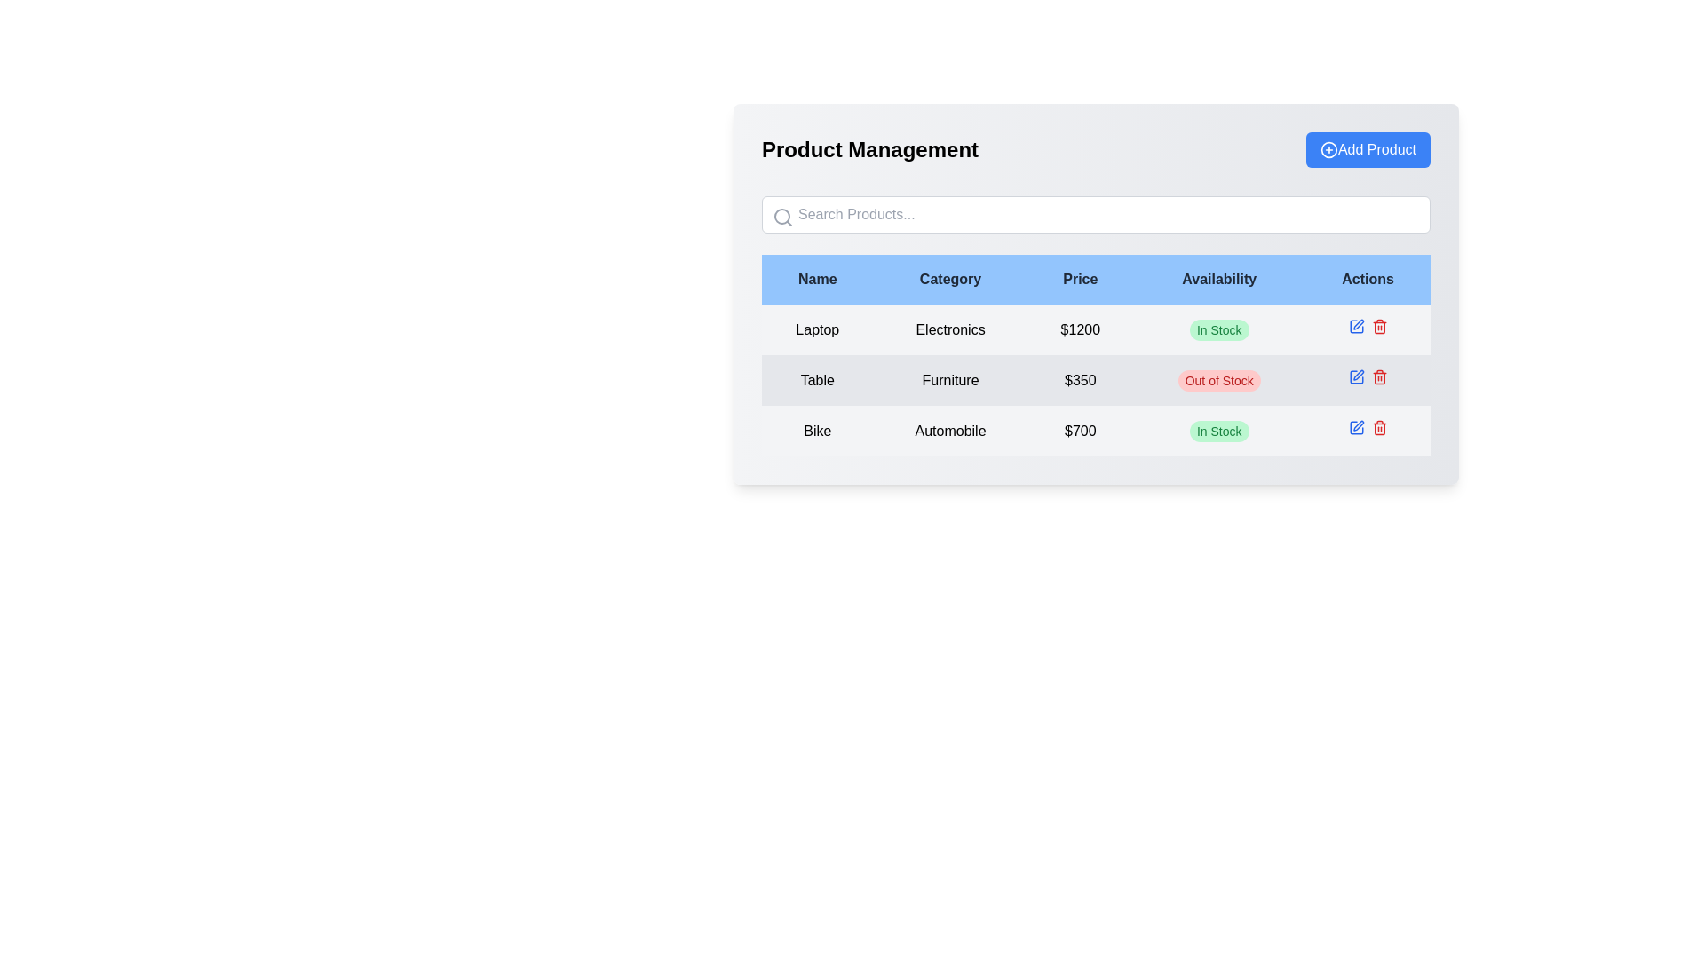  I want to click on the red trash bin icon in the Actions column of the table row representing the Laptop product, so click(1367, 329).